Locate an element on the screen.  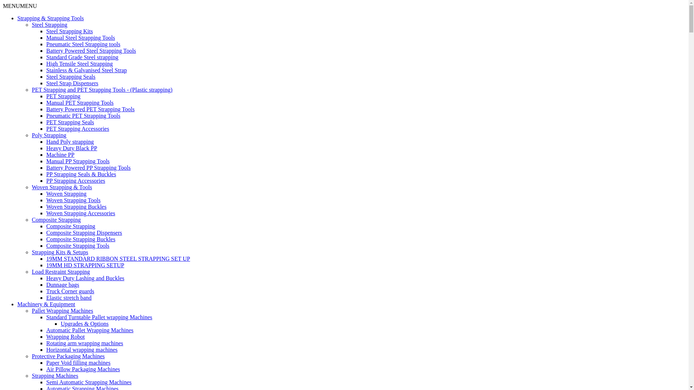
'Composite Strapping' is located at coordinates (56, 219).